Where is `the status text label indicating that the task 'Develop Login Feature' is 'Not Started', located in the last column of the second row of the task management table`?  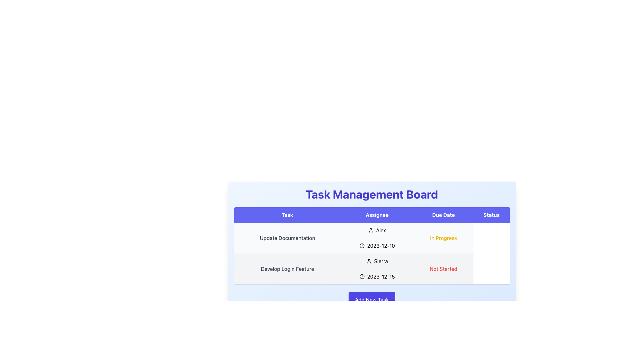 the status text label indicating that the task 'Develop Login Feature' is 'Not Started', located in the last column of the second row of the task management table is located at coordinates (443, 269).